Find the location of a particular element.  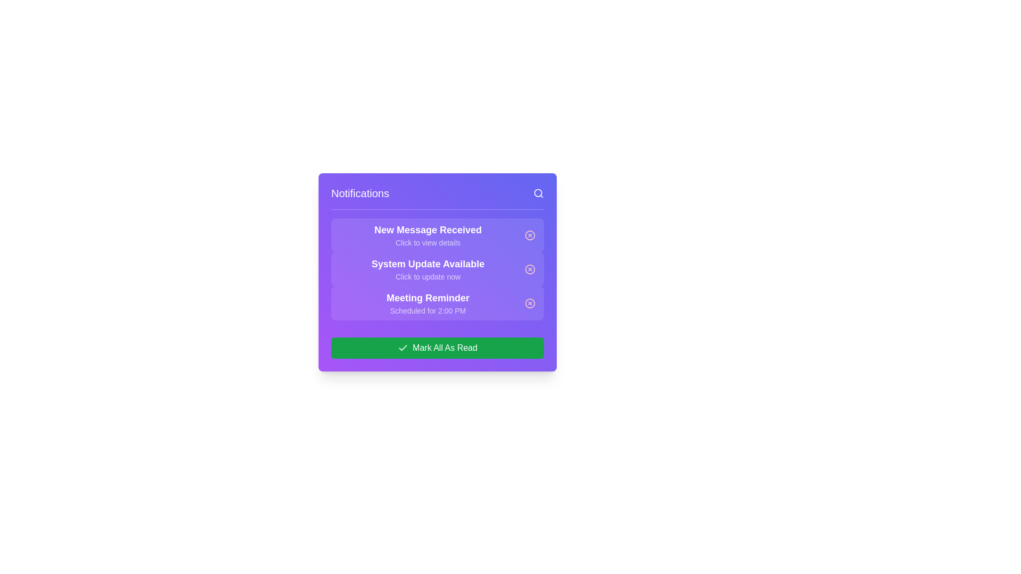

the circular graphical element within the icon located at the far-right side of the first notification item titled 'New Message Received.' is located at coordinates (530, 235).